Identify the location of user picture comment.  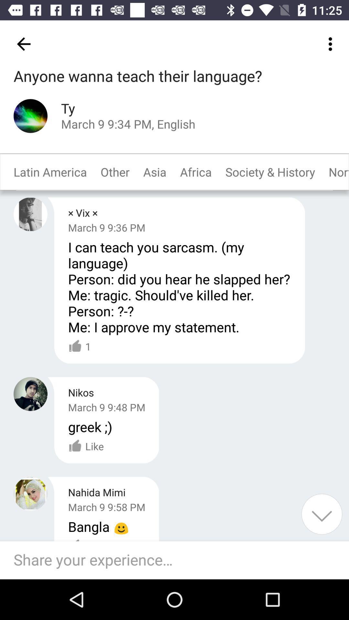
(30, 214).